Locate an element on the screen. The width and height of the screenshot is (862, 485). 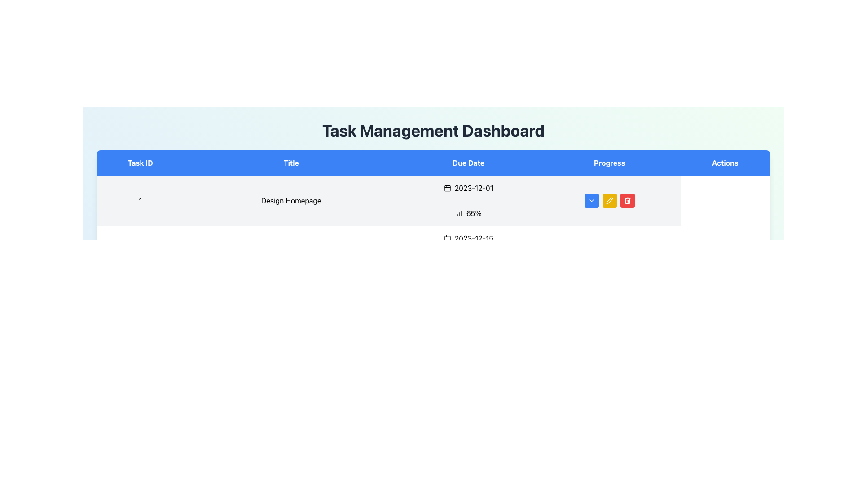
the Due Date label displaying the due date for the 'Design Homepage' task located in the third column of the first row of the table is located at coordinates (468, 188).